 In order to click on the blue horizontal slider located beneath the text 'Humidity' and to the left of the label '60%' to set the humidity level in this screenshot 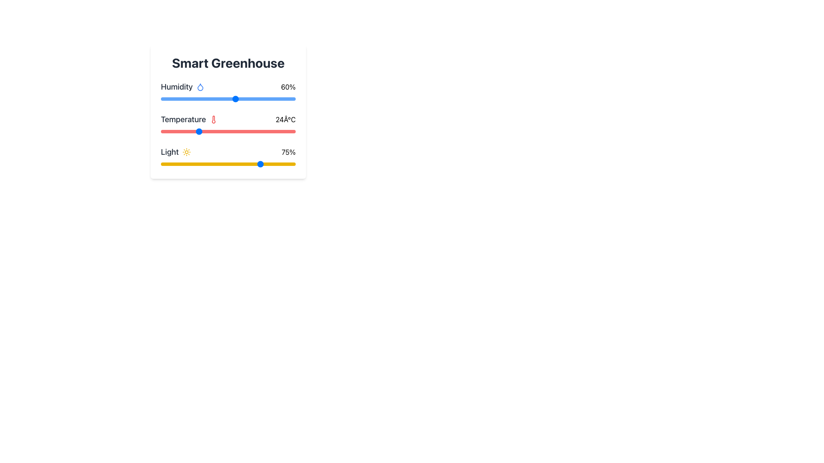, I will do `click(228, 99)`.